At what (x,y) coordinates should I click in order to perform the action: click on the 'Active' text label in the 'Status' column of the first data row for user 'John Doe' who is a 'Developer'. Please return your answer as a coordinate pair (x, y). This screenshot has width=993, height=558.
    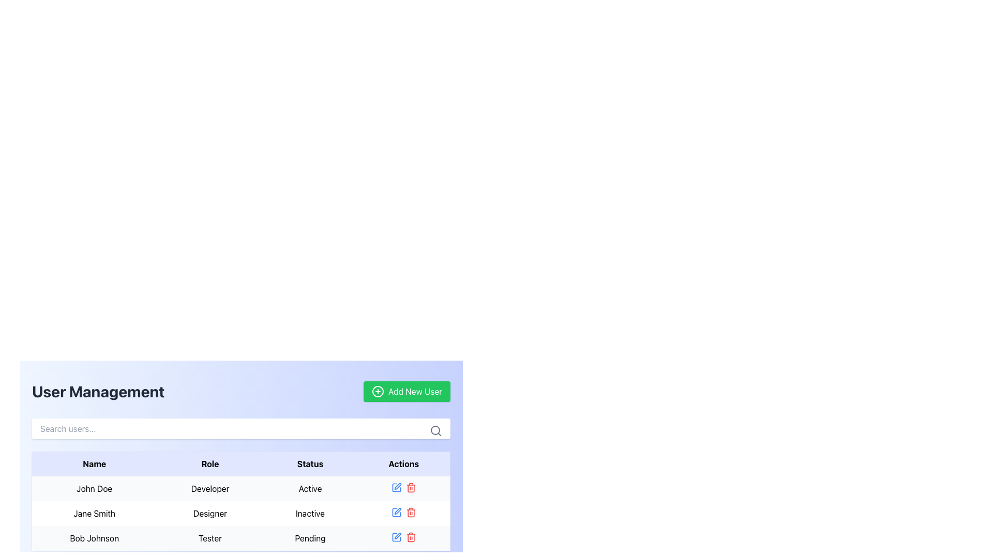
    Looking at the image, I should click on (310, 488).